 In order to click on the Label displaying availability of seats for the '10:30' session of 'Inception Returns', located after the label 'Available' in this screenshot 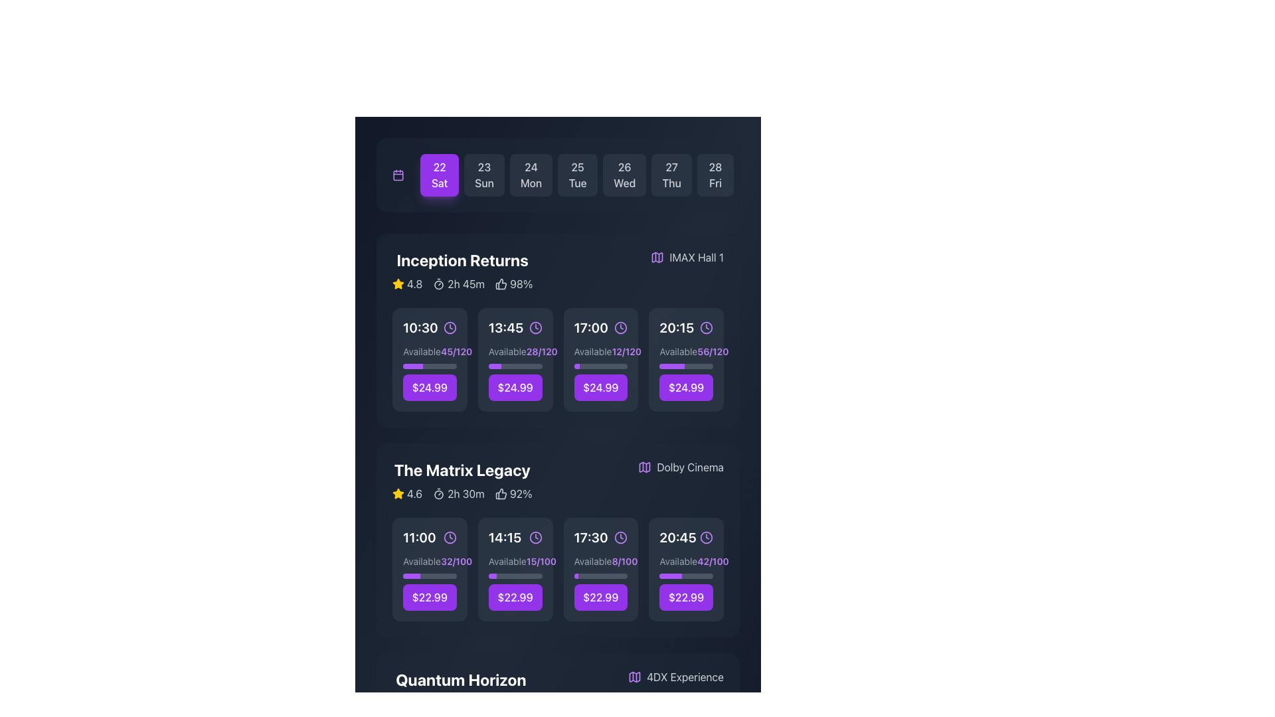, I will do `click(456, 351)`.